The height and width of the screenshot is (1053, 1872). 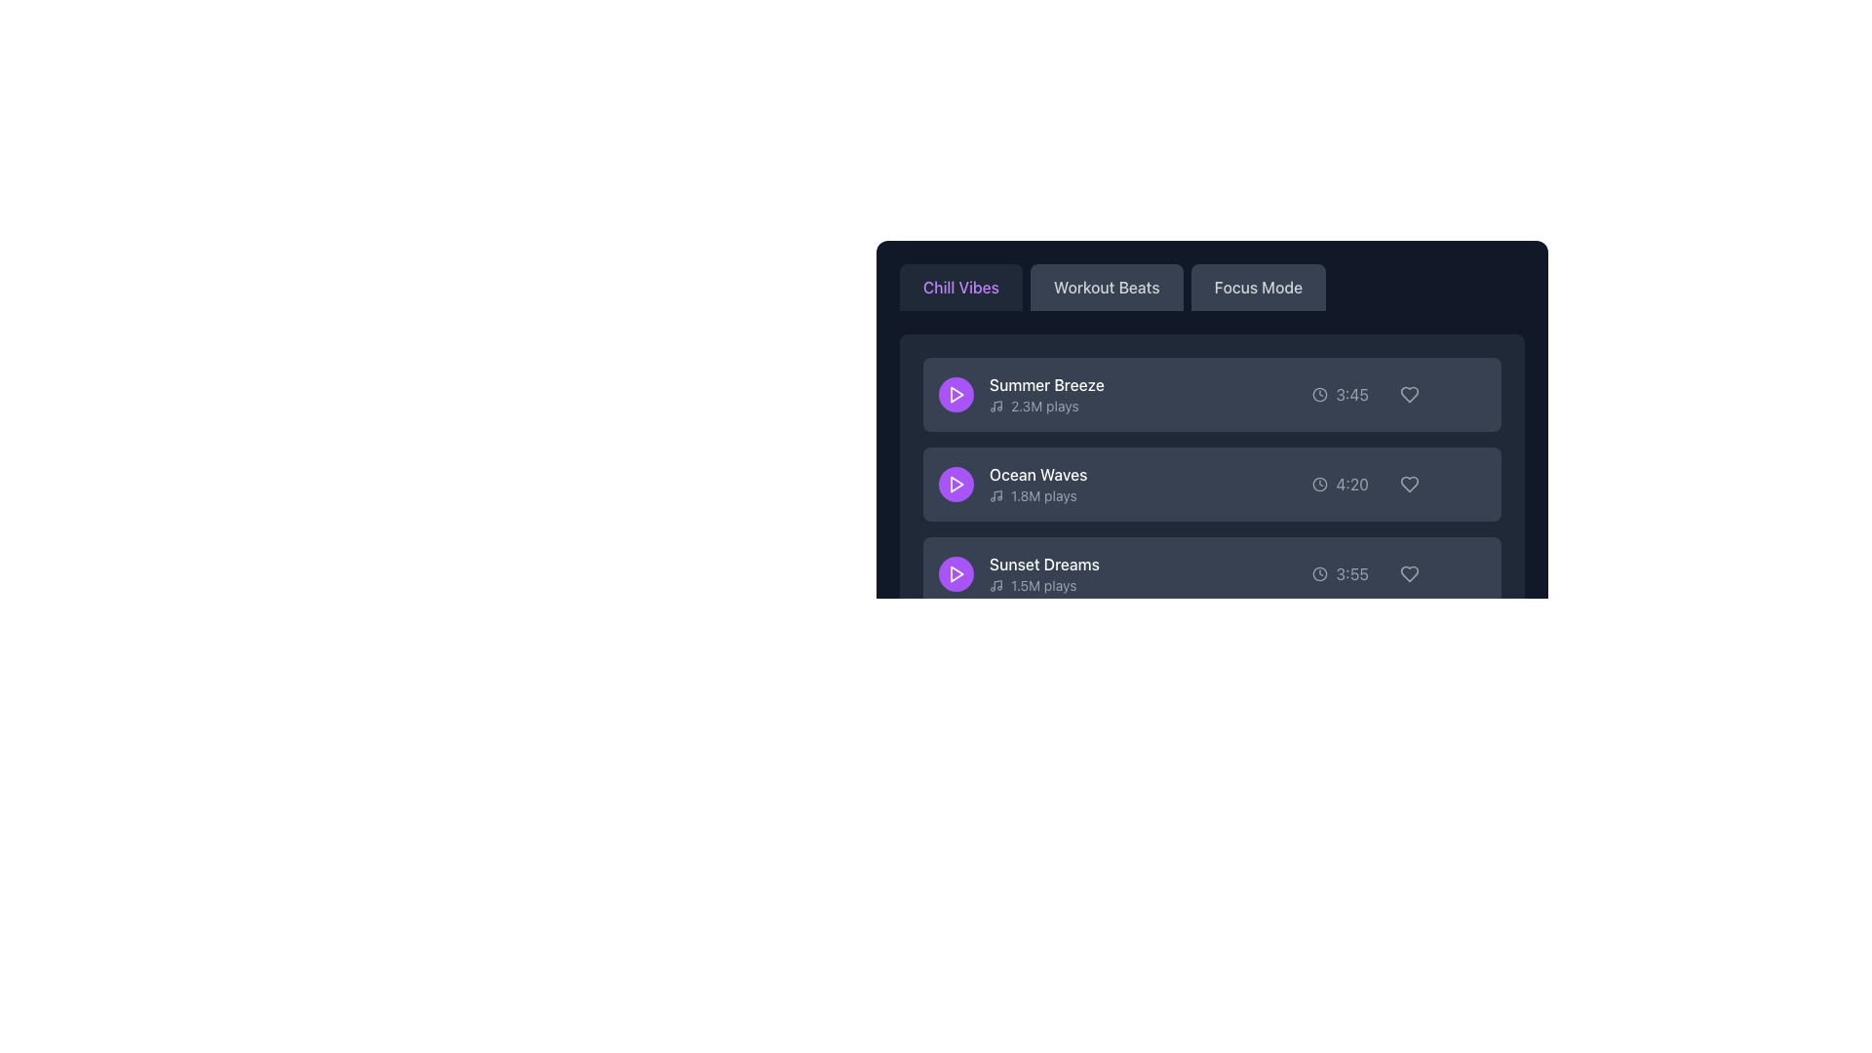 What do you see at coordinates (1409, 573) in the screenshot?
I see `the small heart-shaped button, the third item in the list of interactive icons next to the track 'Sunset Dreams'` at bounding box center [1409, 573].